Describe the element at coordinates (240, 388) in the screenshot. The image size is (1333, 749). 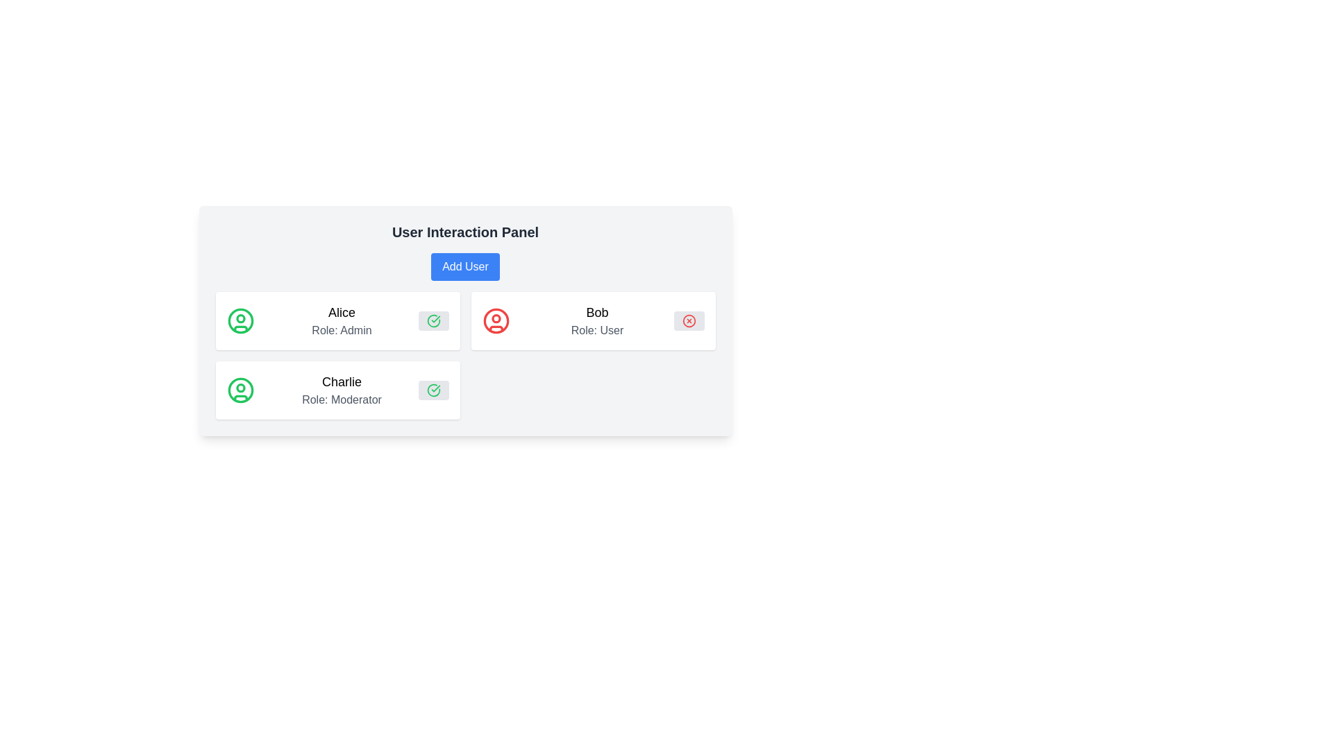
I see `the small circle inside the SVG user icon for the user profile labeled 'Alice', which has a green outline` at that location.